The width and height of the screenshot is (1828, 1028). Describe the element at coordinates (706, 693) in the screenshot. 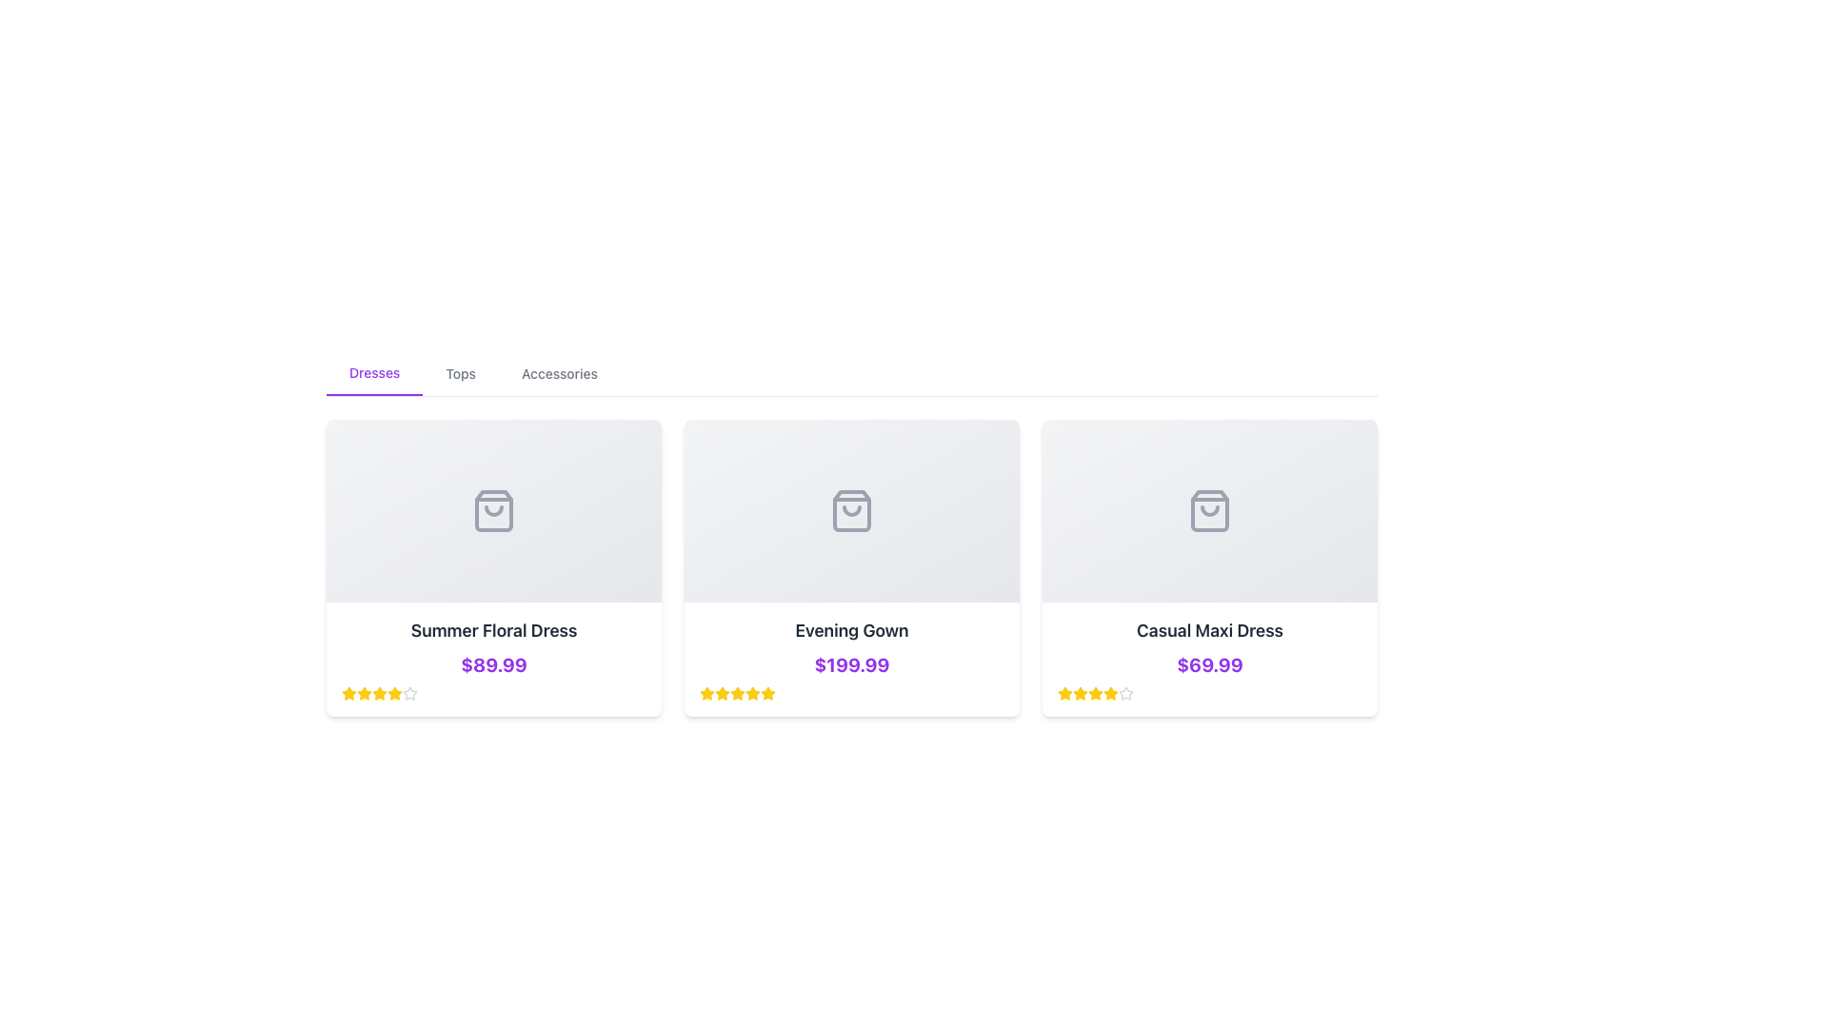

I see `the star icon representing the product's rating in the second card of the grid, located below the price '$199.99'` at that location.